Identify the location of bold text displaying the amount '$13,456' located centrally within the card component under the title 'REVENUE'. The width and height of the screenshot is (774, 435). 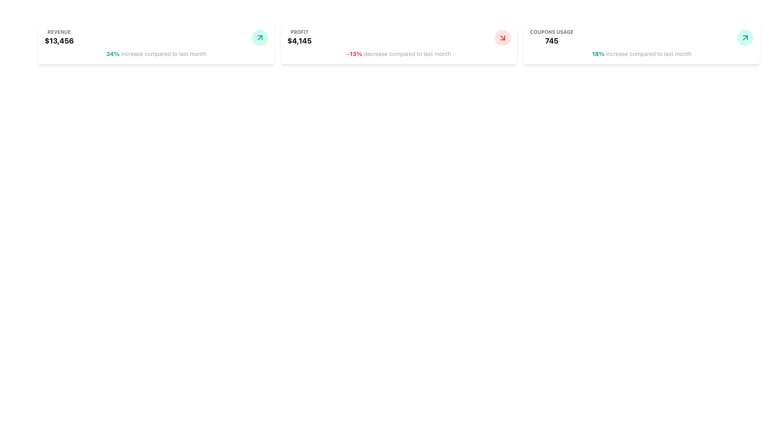
(59, 41).